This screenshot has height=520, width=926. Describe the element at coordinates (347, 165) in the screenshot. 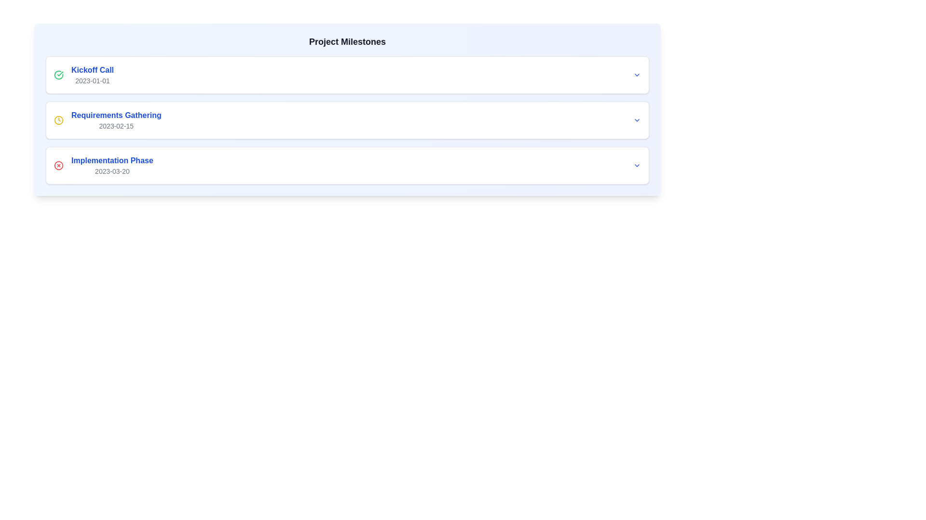

I see `the 'Implementation Phase' milestone in the project milestones list` at that location.